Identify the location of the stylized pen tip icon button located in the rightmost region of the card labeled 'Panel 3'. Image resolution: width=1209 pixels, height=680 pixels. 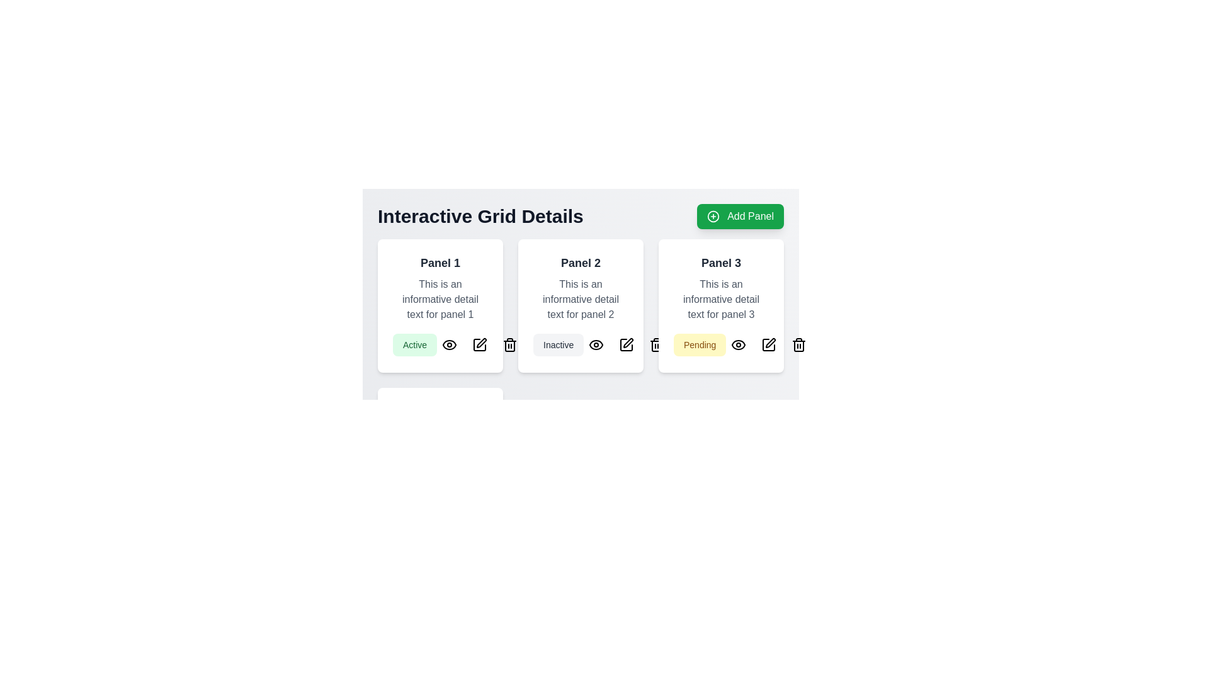
(770, 343).